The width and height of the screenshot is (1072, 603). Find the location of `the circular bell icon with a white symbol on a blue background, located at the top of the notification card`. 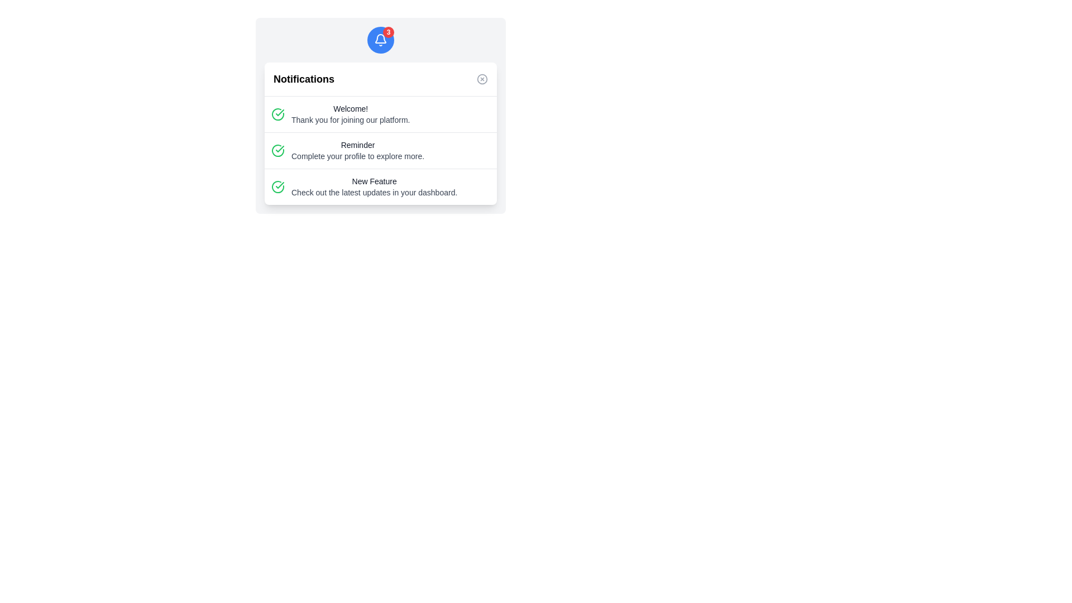

the circular bell icon with a white symbol on a blue background, located at the top of the notification card is located at coordinates (380, 40).